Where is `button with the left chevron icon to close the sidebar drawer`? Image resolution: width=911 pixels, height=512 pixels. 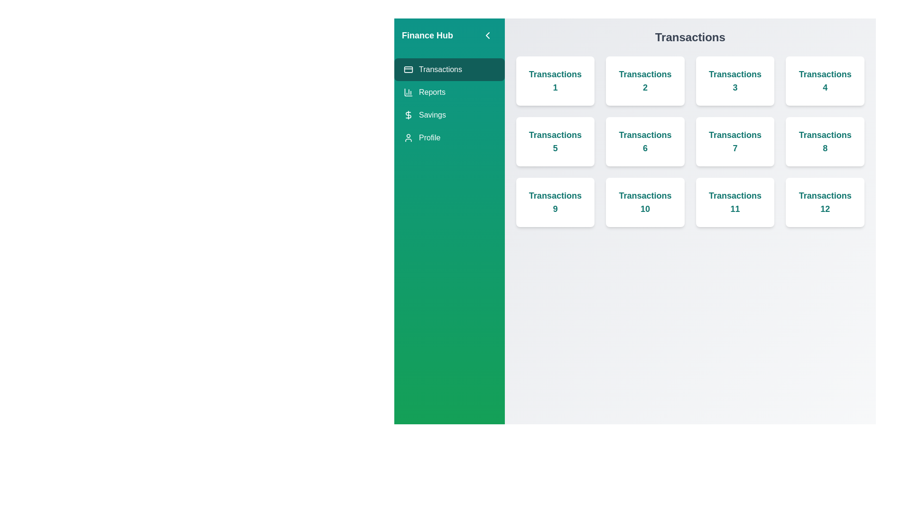 button with the left chevron icon to close the sidebar drawer is located at coordinates (487, 35).